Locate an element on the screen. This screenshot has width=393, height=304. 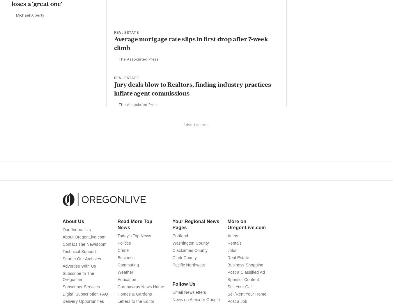
'Business Shopping' is located at coordinates (245, 276).